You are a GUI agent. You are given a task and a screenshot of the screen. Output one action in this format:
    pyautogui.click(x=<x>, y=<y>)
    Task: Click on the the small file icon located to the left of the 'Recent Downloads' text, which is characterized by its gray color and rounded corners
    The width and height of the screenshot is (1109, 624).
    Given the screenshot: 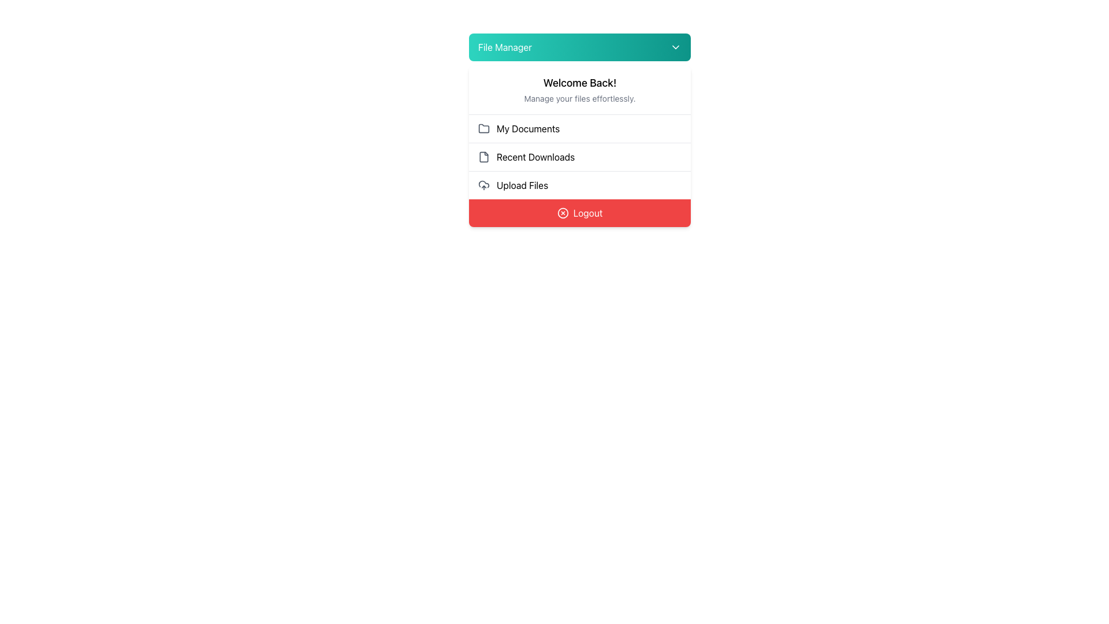 What is the action you would take?
    pyautogui.click(x=484, y=157)
    